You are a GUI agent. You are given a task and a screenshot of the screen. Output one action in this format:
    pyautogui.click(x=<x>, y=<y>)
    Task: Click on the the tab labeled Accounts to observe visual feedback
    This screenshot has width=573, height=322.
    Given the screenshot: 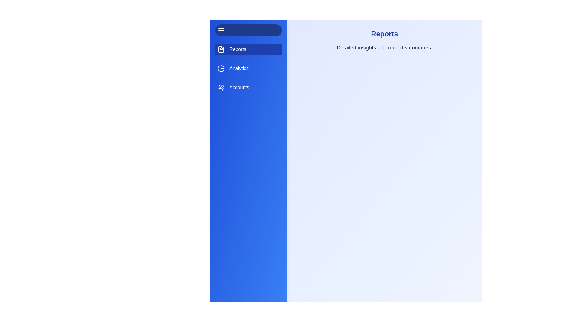 What is the action you would take?
    pyautogui.click(x=249, y=87)
    